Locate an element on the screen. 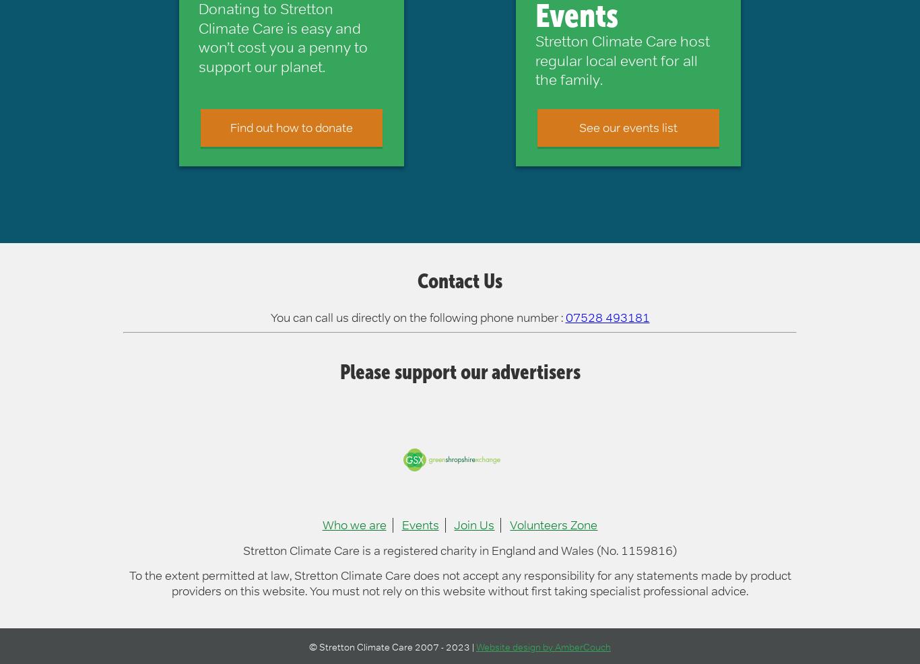 The width and height of the screenshot is (920, 664). 'Stretton Climate Care host regular local event for all the family.' is located at coordinates (622, 60).